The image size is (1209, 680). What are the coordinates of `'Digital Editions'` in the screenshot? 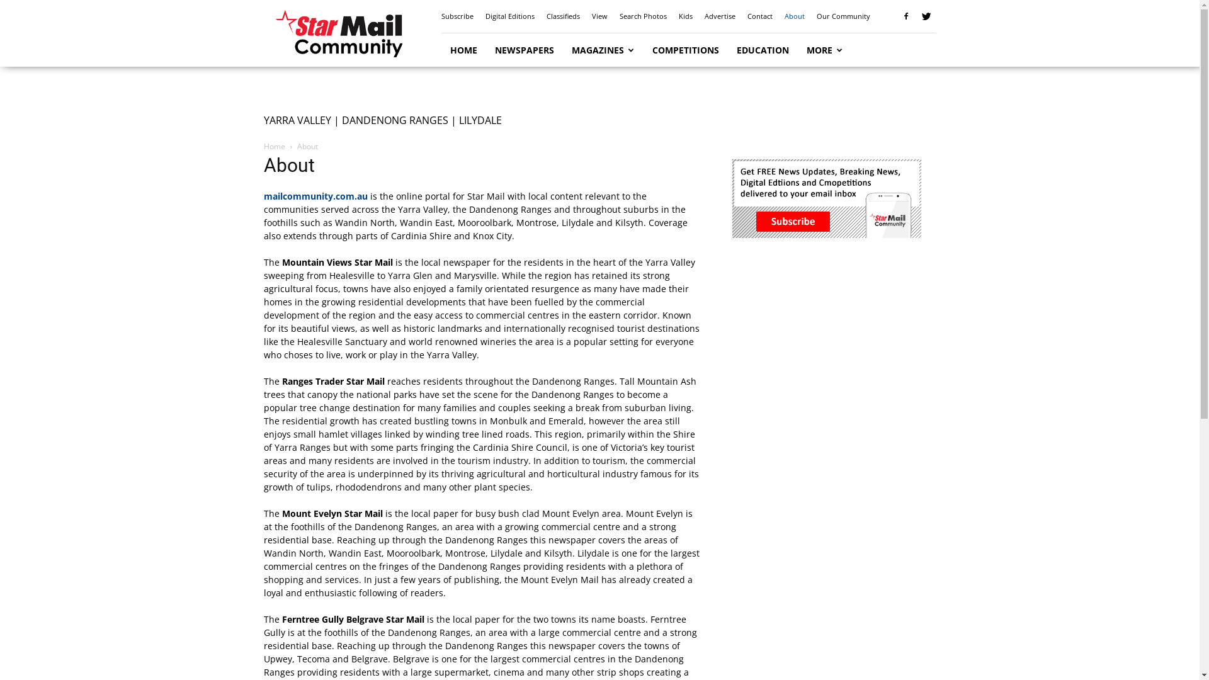 It's located at (509, 16).